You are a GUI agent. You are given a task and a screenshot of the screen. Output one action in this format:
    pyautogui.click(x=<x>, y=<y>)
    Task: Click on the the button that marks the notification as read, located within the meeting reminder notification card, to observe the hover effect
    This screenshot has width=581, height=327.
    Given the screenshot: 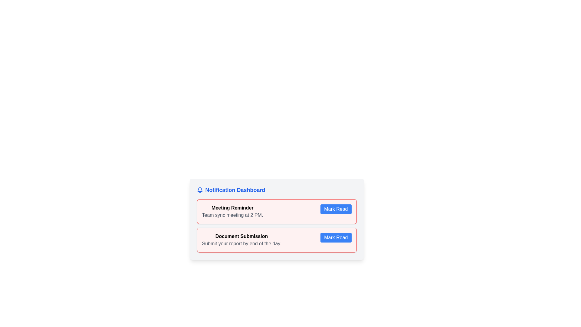 What is the action you would take?
    pyautogui.click(x=336, y=209)
    